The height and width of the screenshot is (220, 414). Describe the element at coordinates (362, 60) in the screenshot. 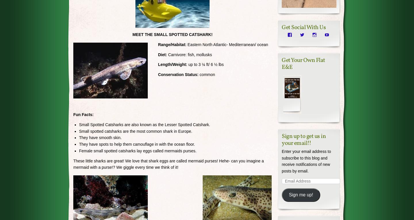

I see `'Comment'` at that location.